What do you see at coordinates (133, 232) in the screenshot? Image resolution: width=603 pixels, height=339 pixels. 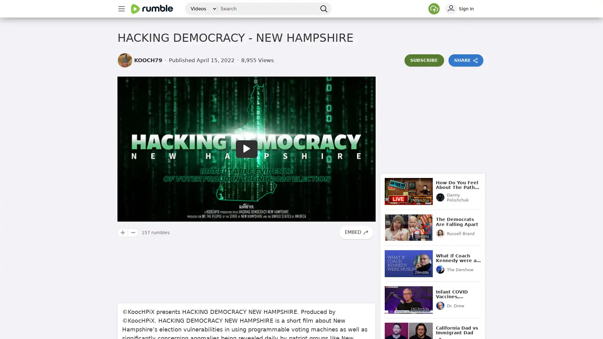 I see `Rumbles down vote` at bounding box center [133, 232].